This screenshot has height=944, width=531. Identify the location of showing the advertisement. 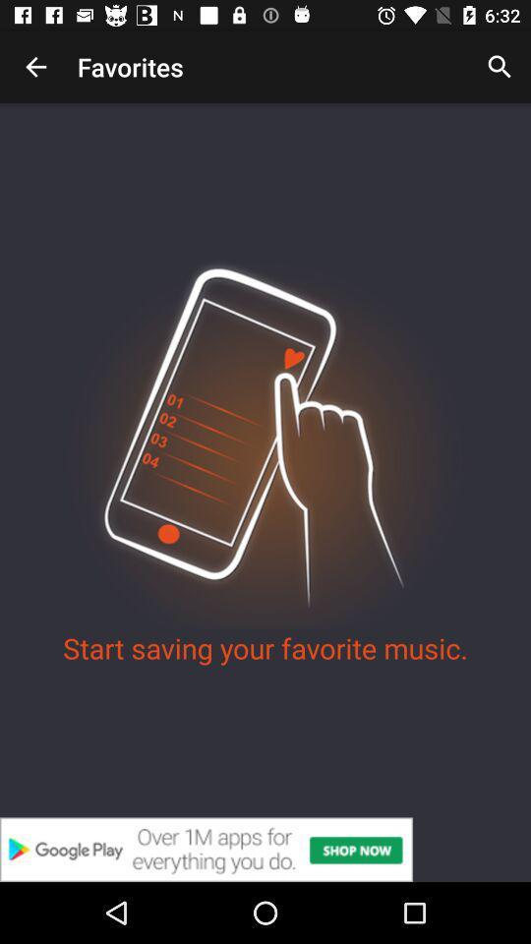
(265, 849).